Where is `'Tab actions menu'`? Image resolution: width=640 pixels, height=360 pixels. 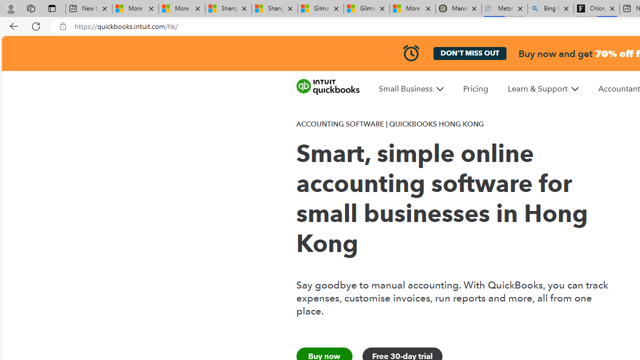 'Tab actions menu' is located at coordinates (51, 8).